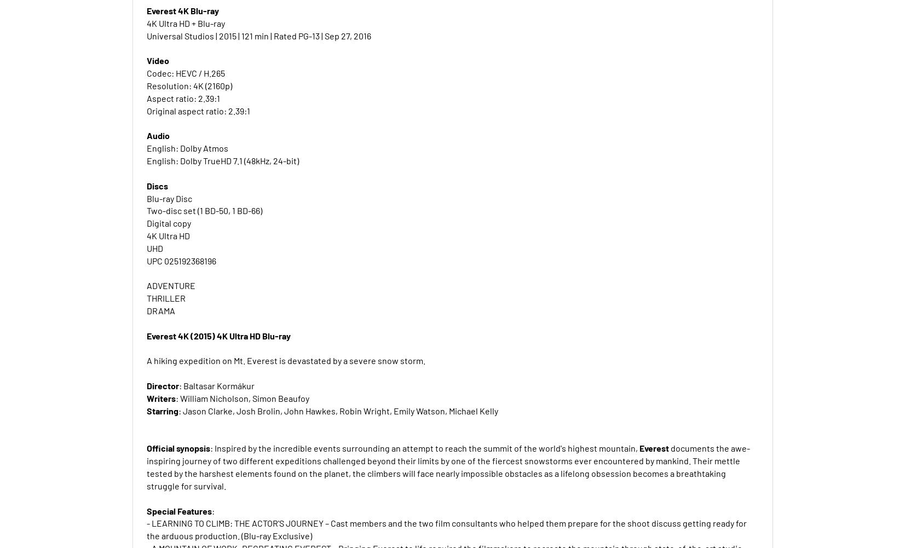 Image resolution: width=905 pixels, height=548 pixels. I want to click on 'UPC 025192368196', so click(180, 260).